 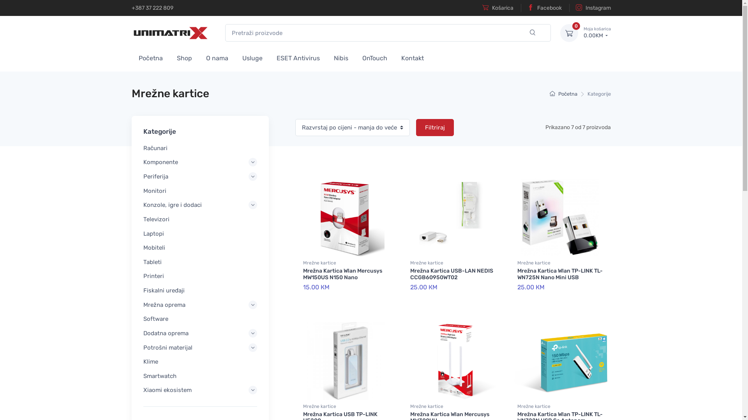 I want to click on 'OnTouch', so click(x=355, y=57).